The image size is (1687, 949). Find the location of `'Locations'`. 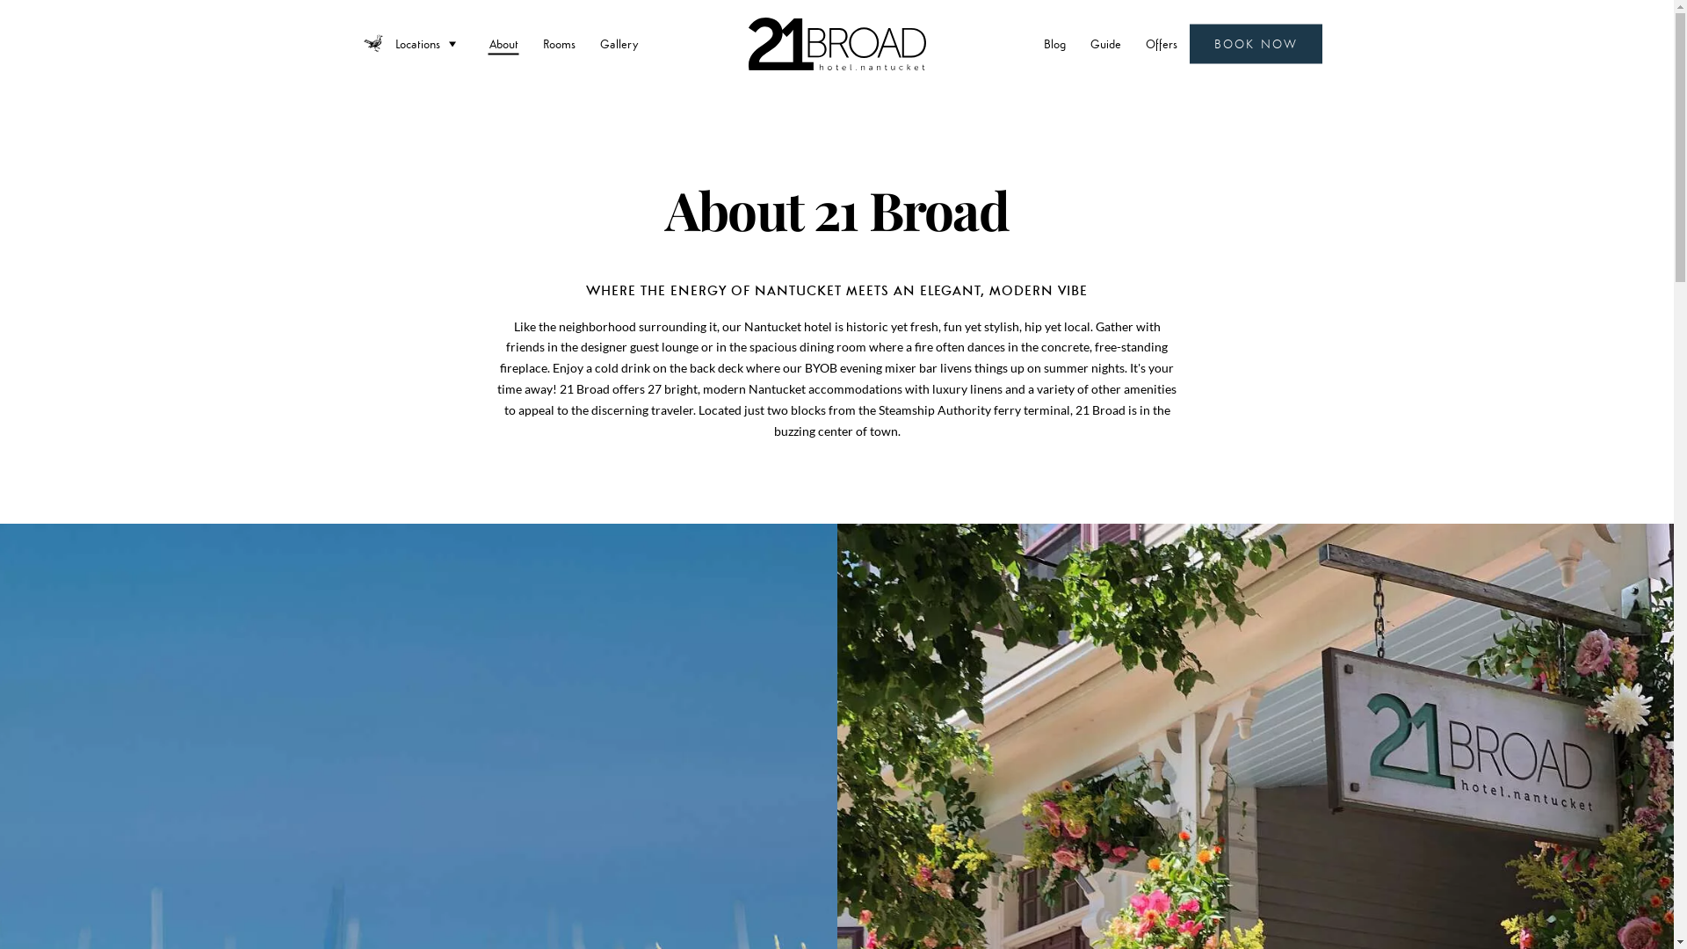

'Locations' is located at coordinates (430, 43).